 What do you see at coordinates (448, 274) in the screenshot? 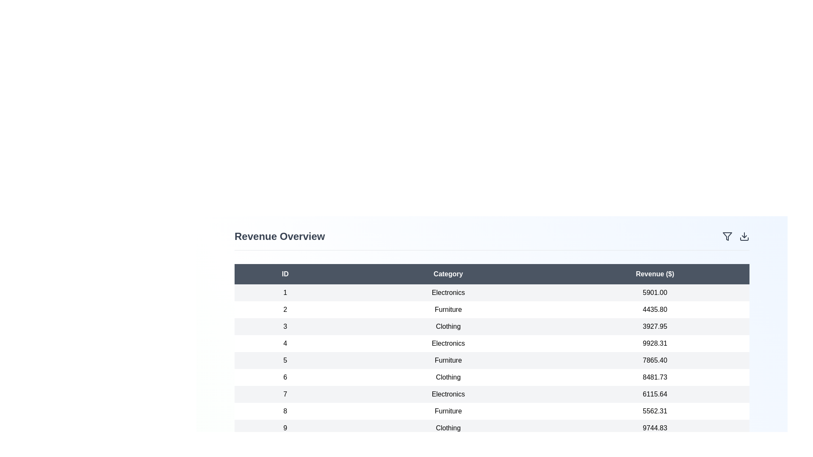
I see `the table header 'Category' to sort the data` at bounding box center [448, 274].